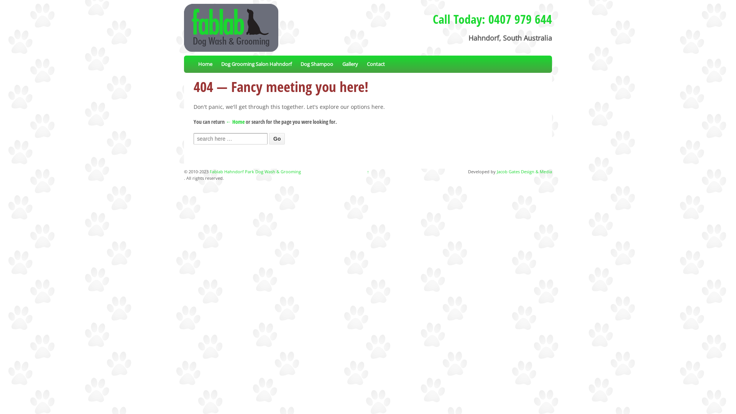  Describe the element at coordinates (256, 64) in the screenshot. I see `'Dog Grooming Salon Hahndorf'` at that location.